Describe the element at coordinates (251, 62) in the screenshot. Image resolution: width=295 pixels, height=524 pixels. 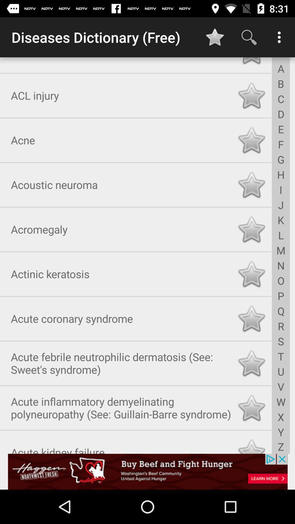
I see `highlighted button` at that location.